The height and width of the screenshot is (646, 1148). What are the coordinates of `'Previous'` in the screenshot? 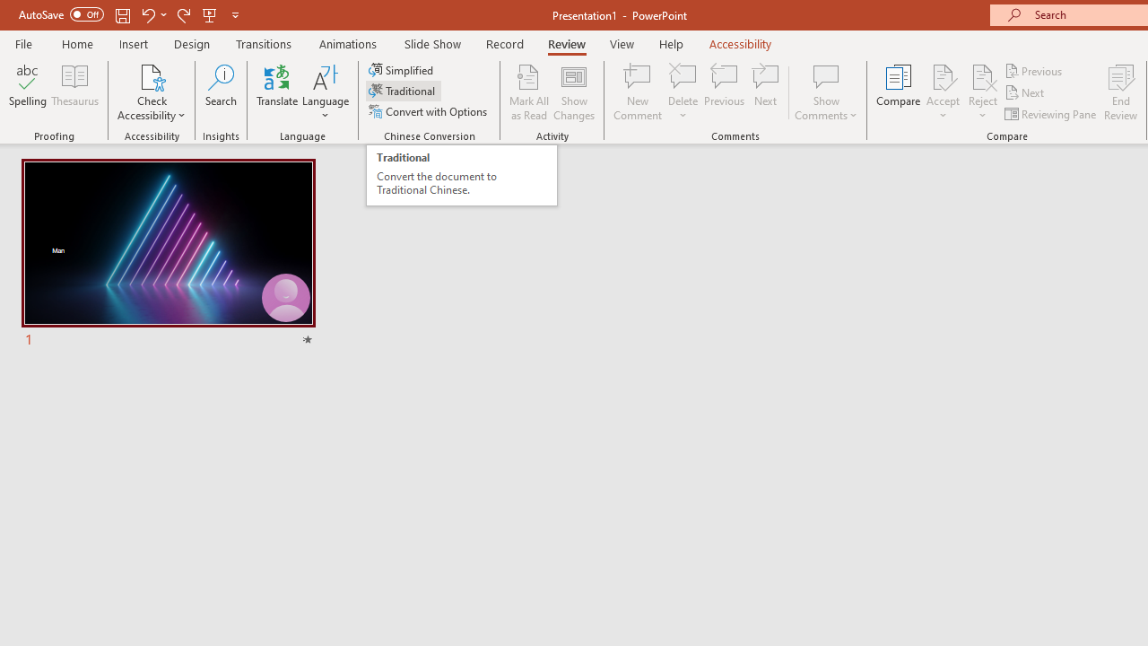 It's located at (1034, 70).